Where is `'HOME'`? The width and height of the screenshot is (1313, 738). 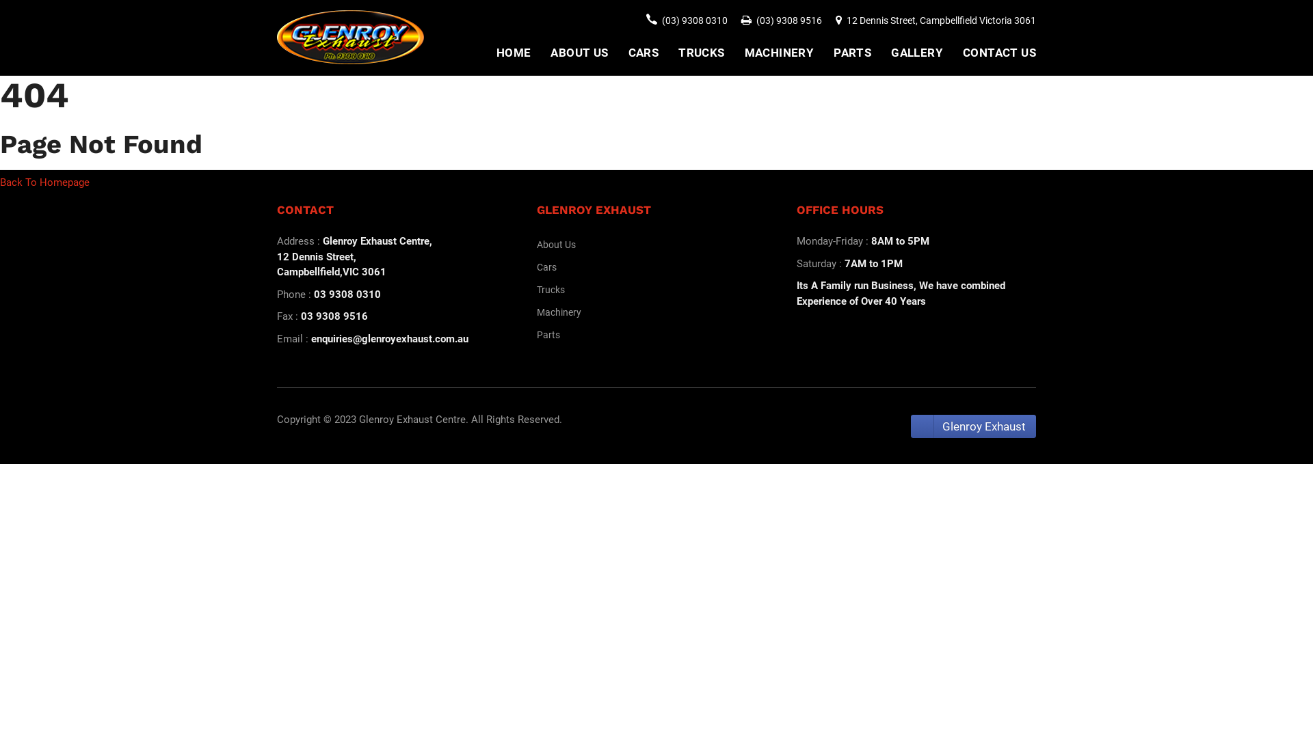 'HOME' is located at coordinates (513, 52).